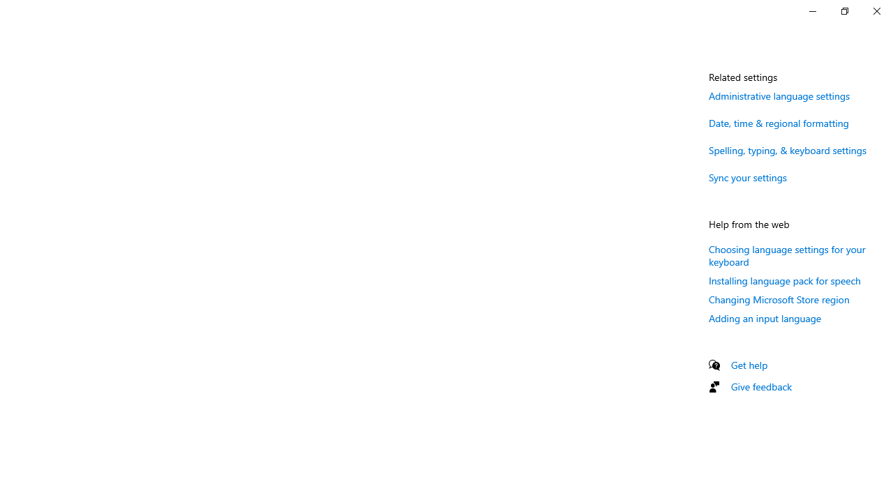 Image resolution: width=893 pixels, height=502 pixels. I want to click on 'Sync your settings', so click(747, 176).